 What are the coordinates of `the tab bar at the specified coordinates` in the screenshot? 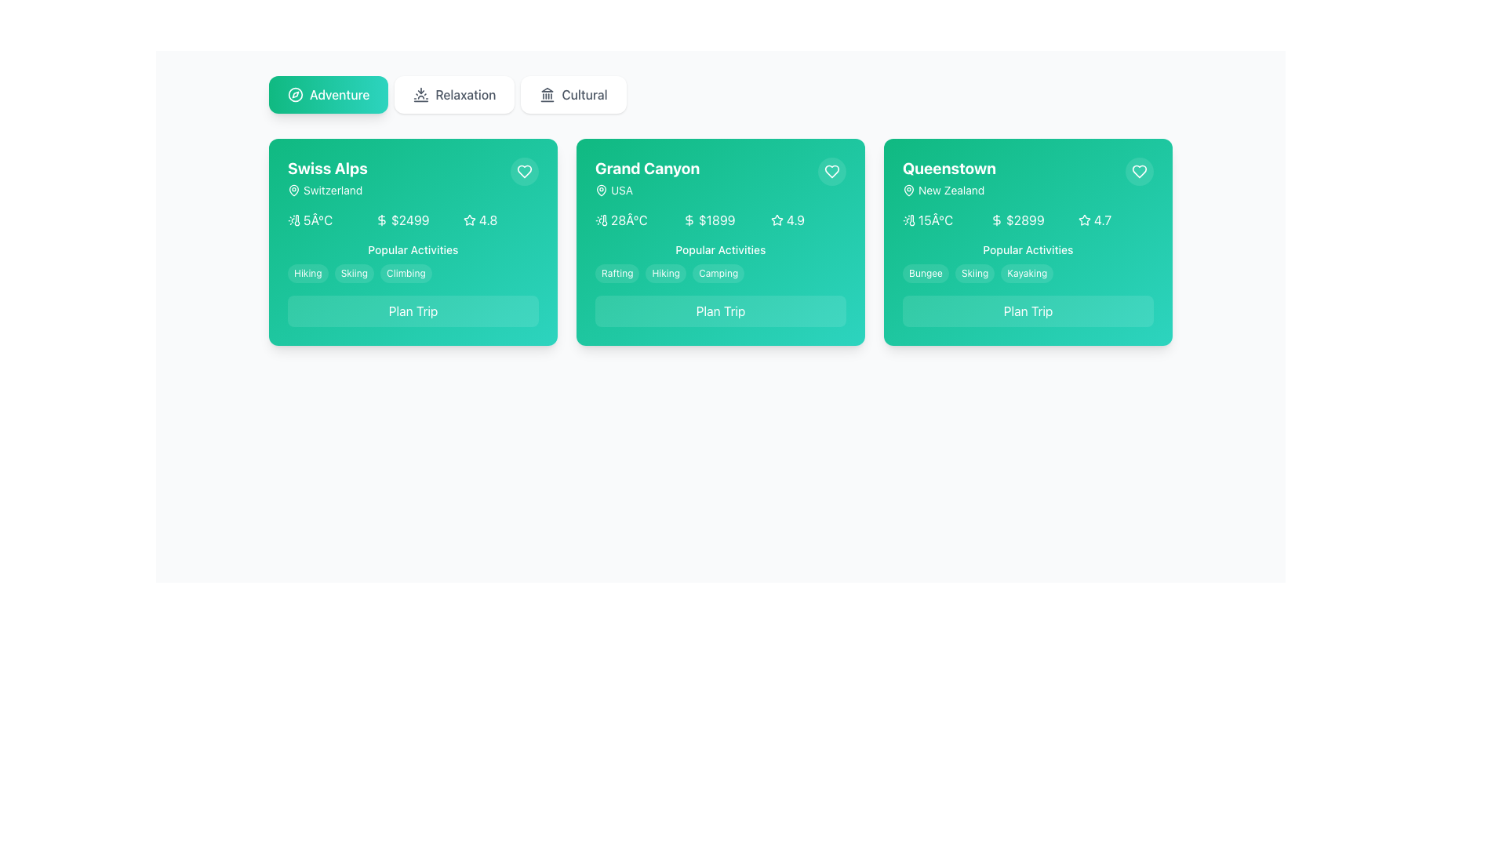 It's located at (719, 94).